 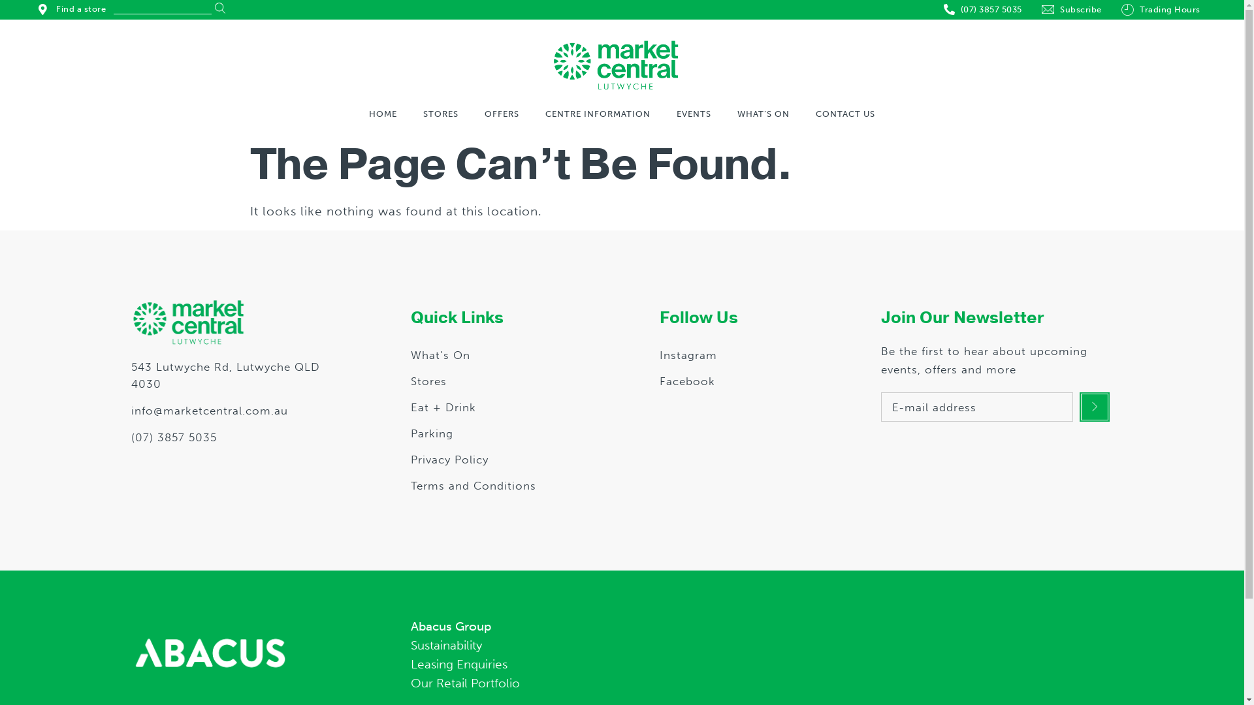 What do you see at coordinates (750, 665) in the screenshot?
I see `'Leasing Enquiries'` at bounding box center [750, 665].